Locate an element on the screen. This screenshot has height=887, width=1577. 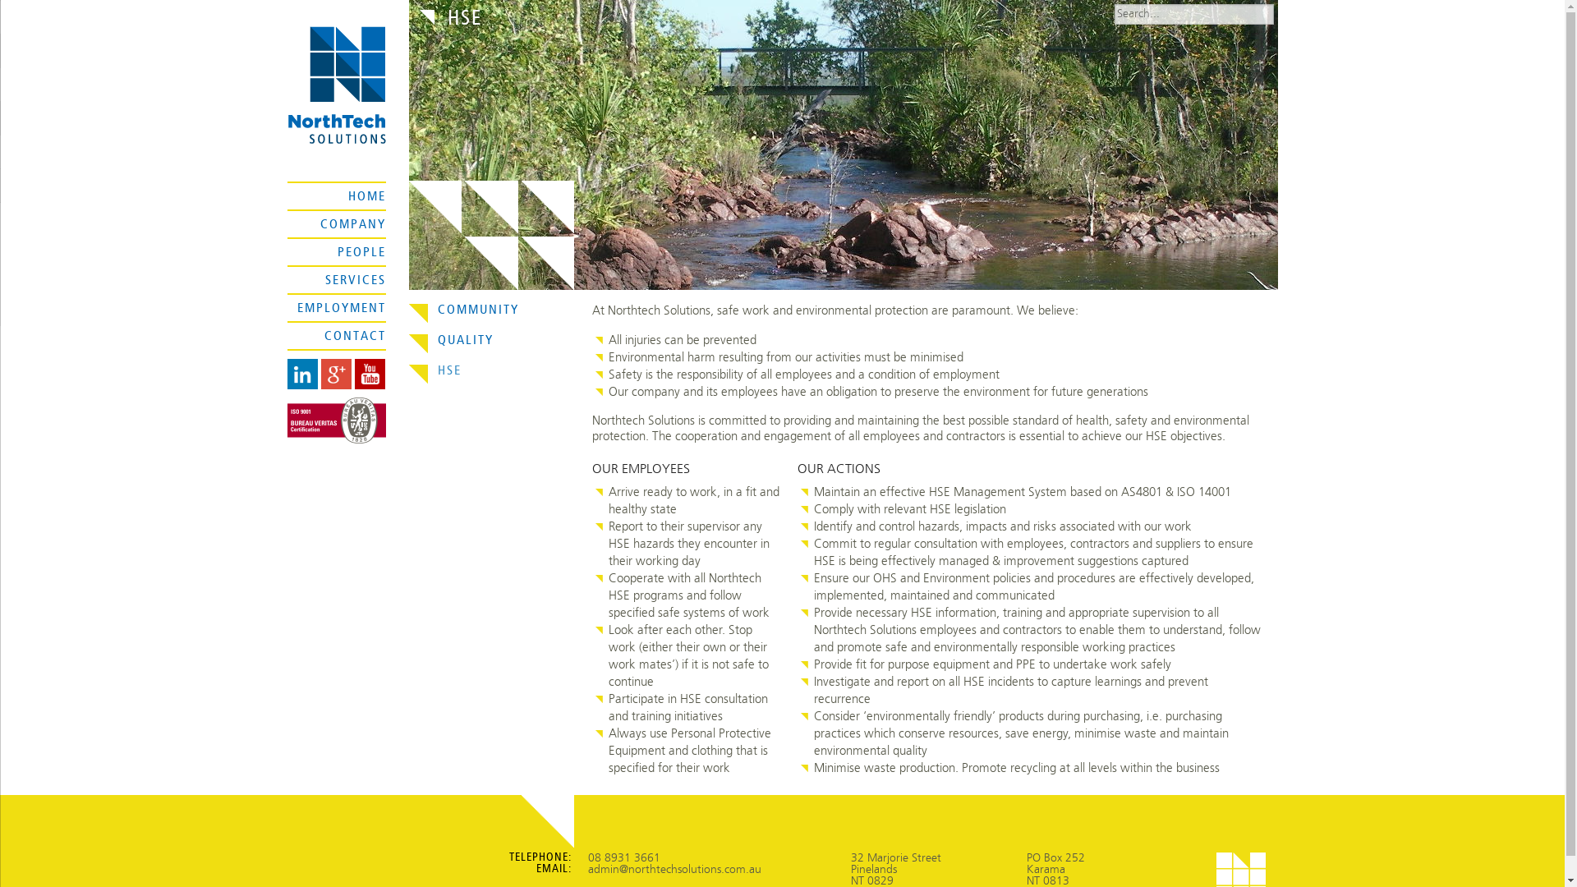
'QUALITY' is located at coordinates (494, 344).